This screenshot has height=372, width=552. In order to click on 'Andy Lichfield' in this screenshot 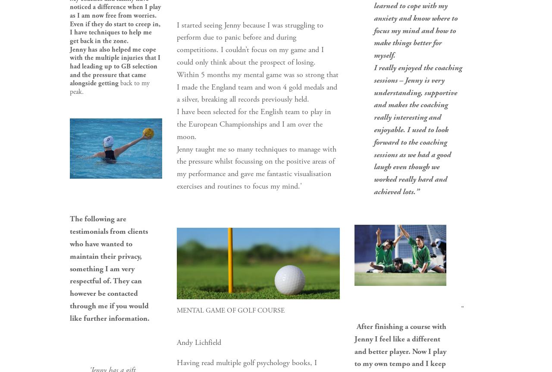, I will do `click(198, 342)`.